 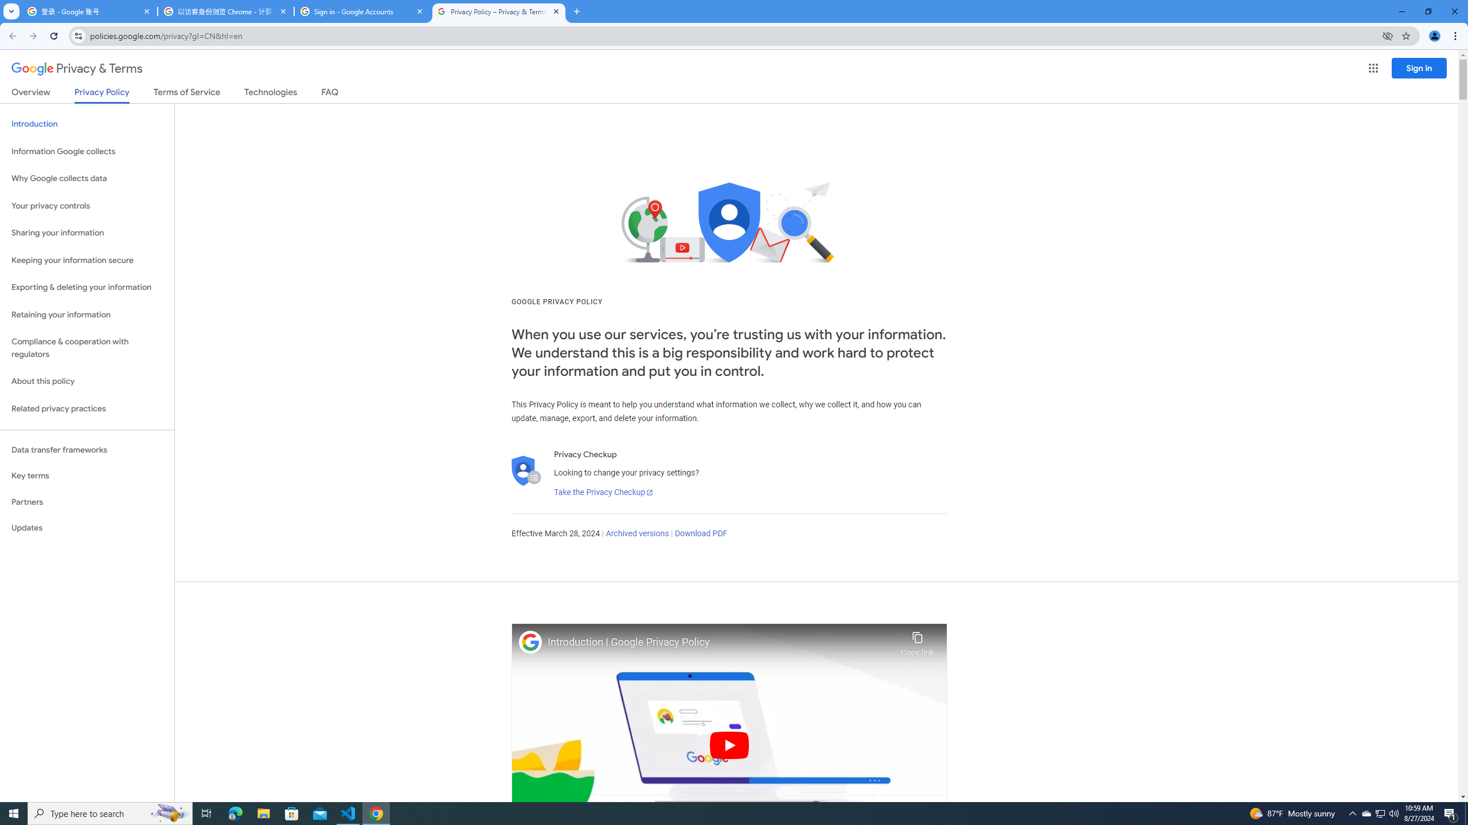 I want to click on 'About this policy', so click(x=87, y=382).